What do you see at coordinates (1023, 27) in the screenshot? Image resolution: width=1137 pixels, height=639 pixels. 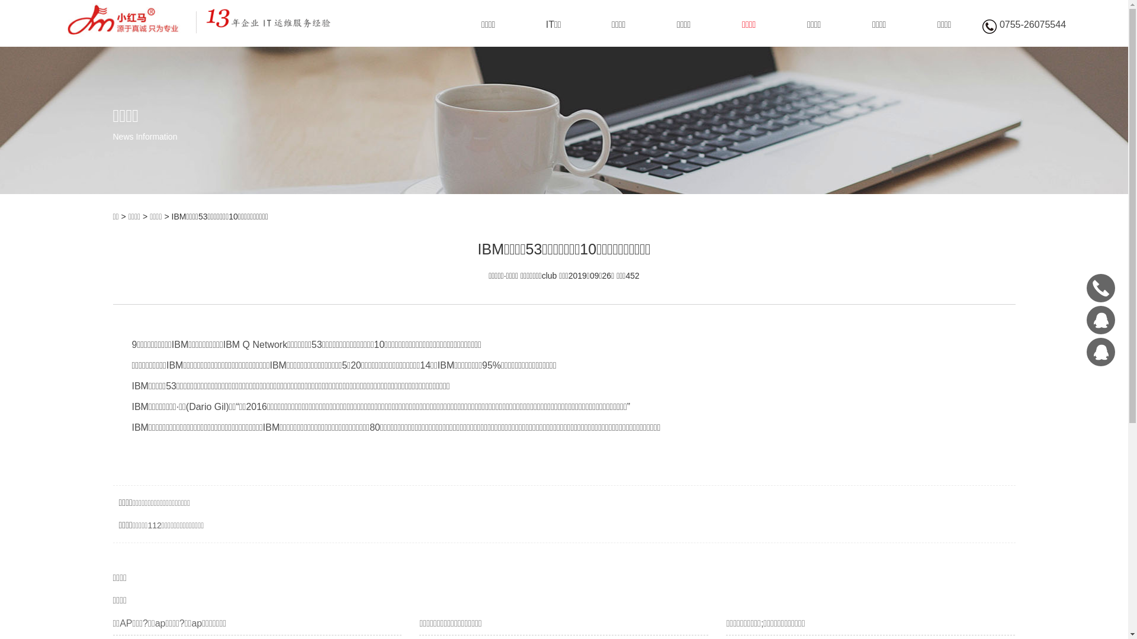 I see `'0755-26075544'` at bounding box center [1023, 27].